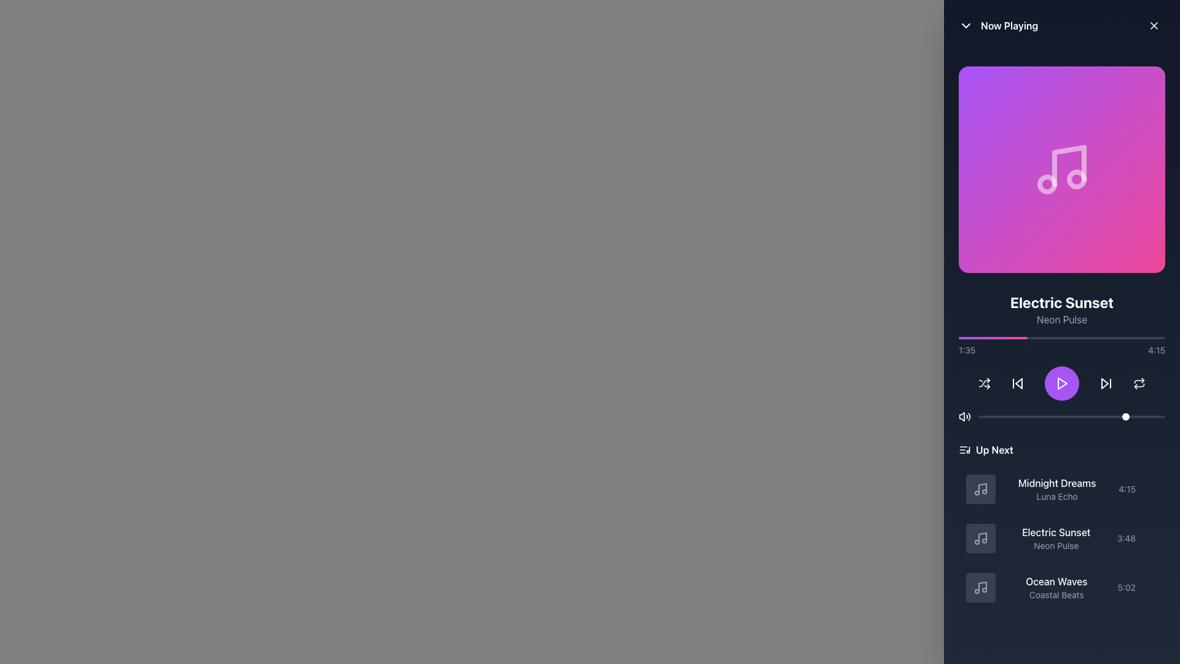 This screenshot has height=664, width=1180. Describe the element at coordinates (988, 416) in the screenshot. I see `the volume slider` at that location.